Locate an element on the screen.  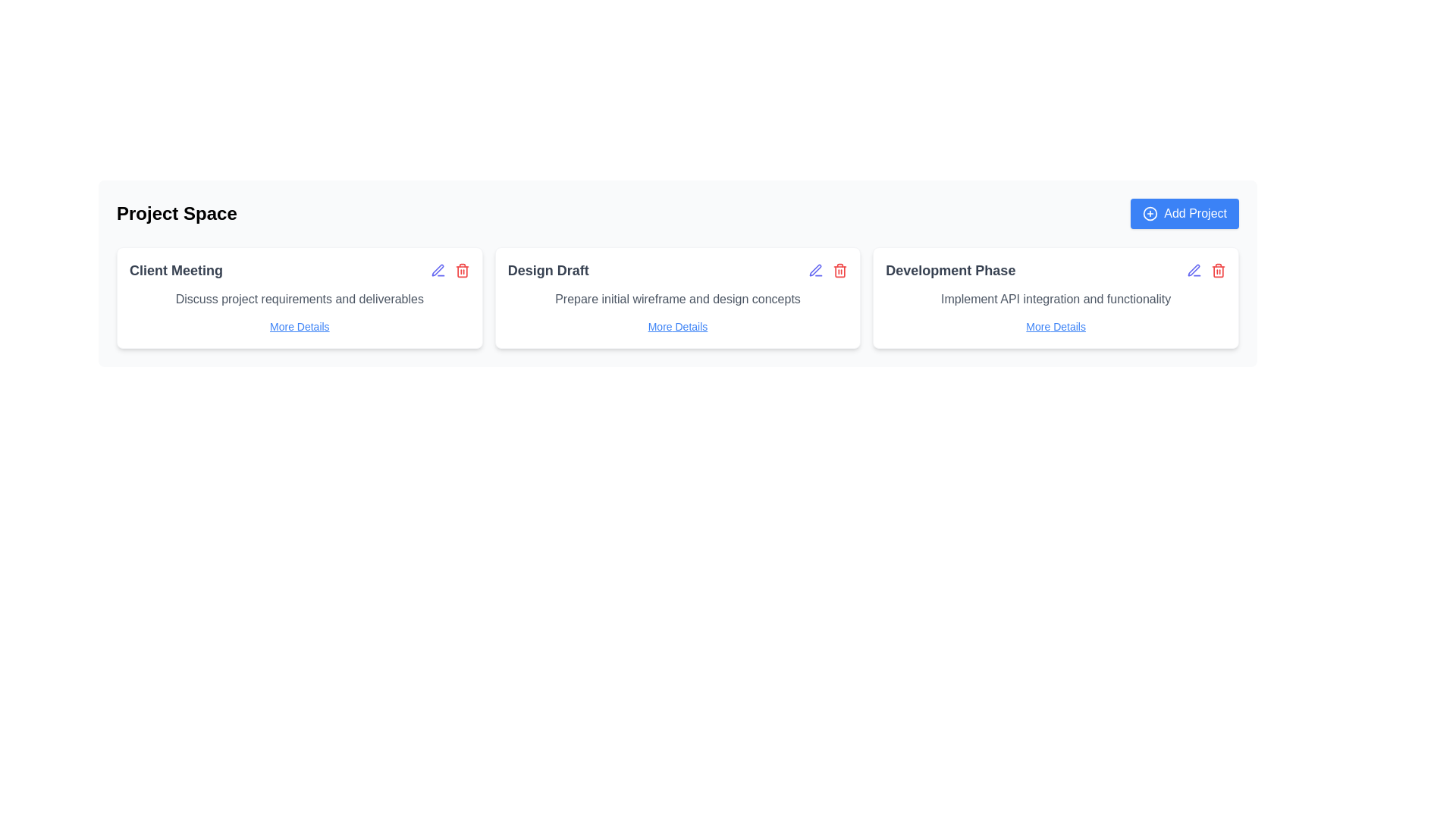
the hyperlink located is located at coordinates (299, 326).